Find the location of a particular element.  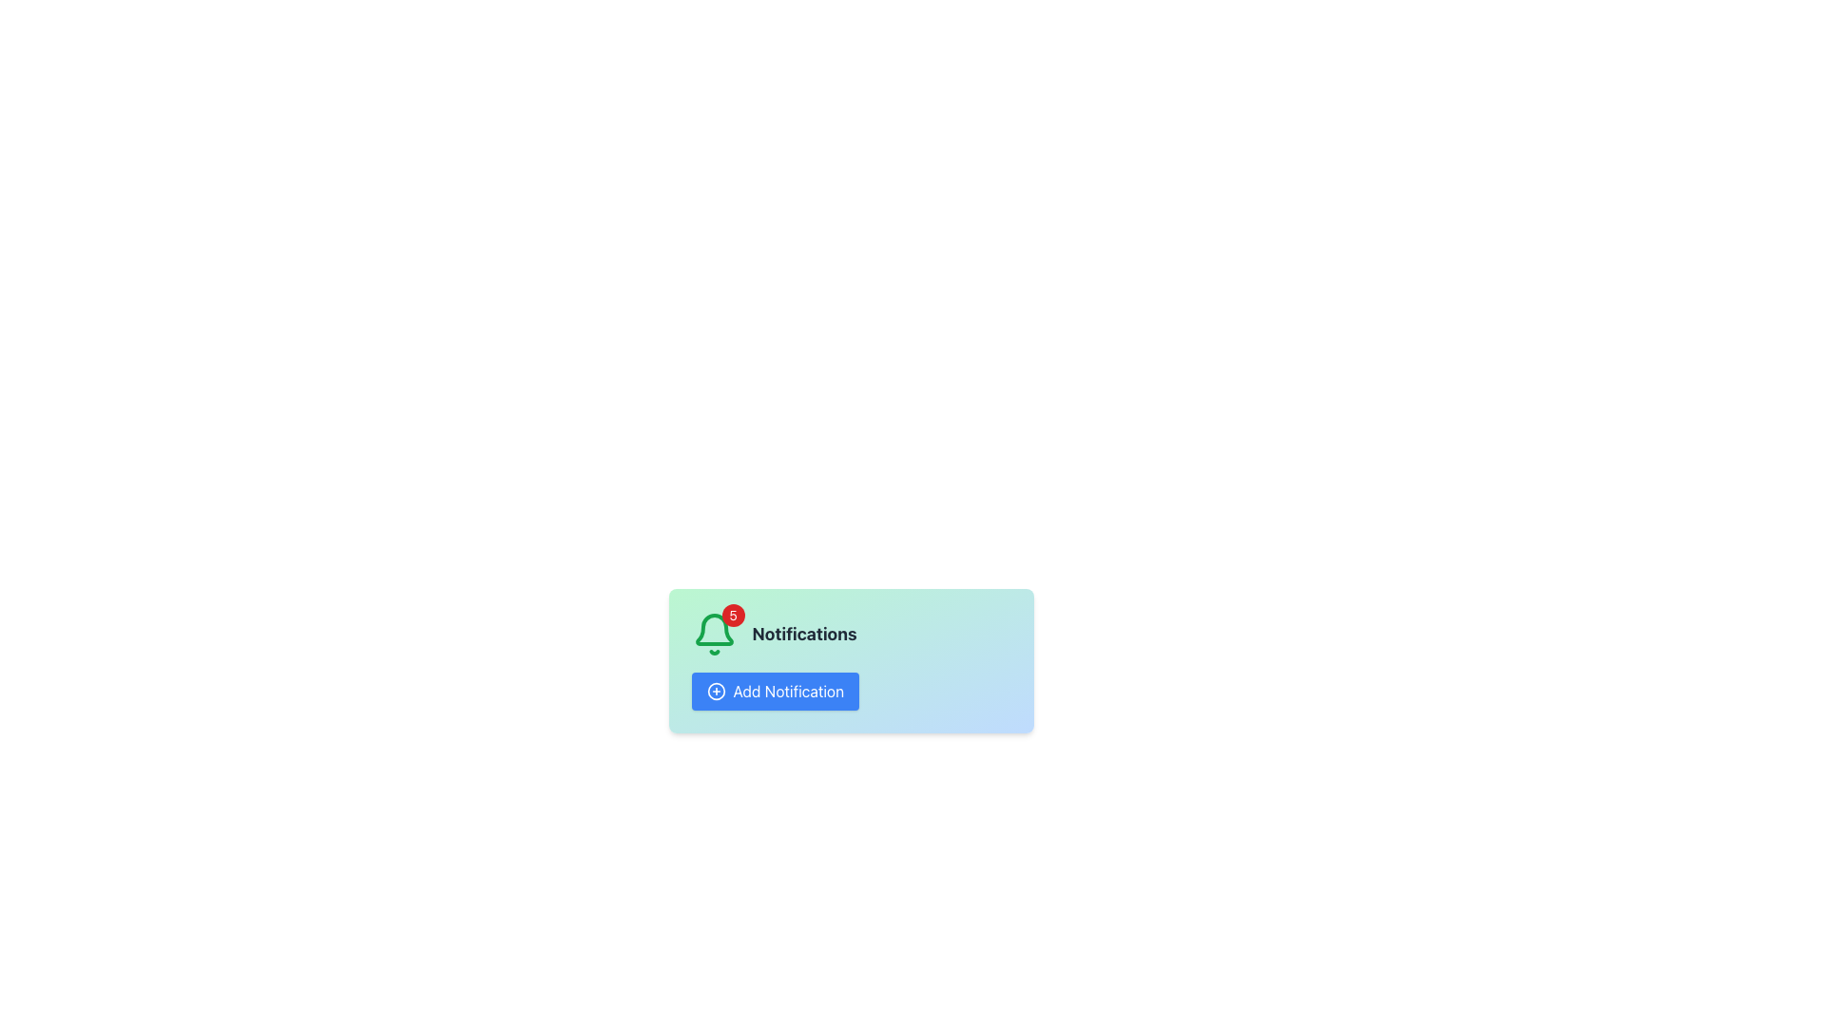

the rectangular blue button labeled 'Add Notification' to observe a styling change is located at coordinates (775, 692).